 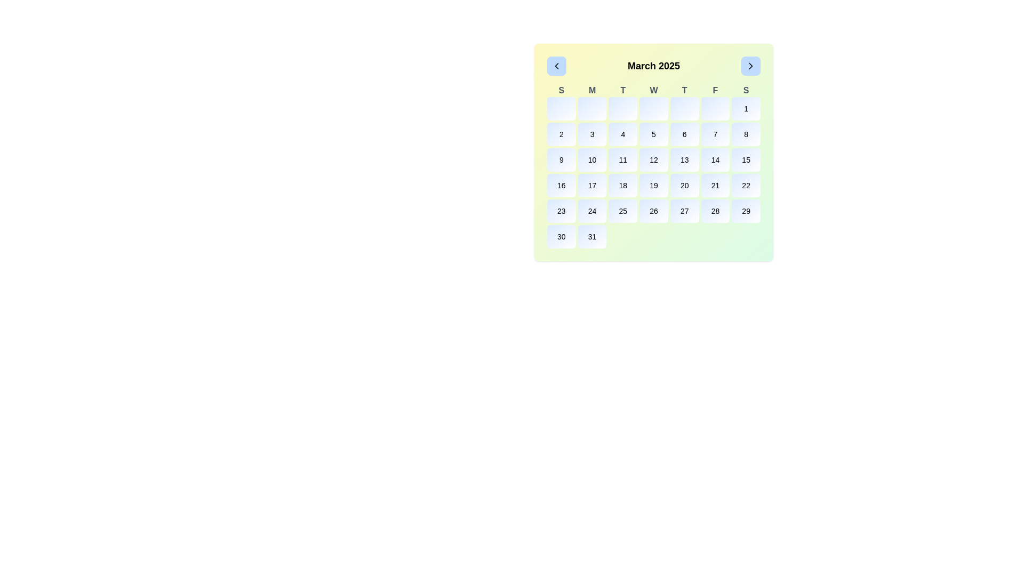 What do you see at coordinates (750, 66) in the screenshot?
I see `the arrow icon located within the navigation button at the top-right corner of the calendar interface, adjacent to the 'March 2025' text, to enhance accessibility` at bounding box center [750, 66].